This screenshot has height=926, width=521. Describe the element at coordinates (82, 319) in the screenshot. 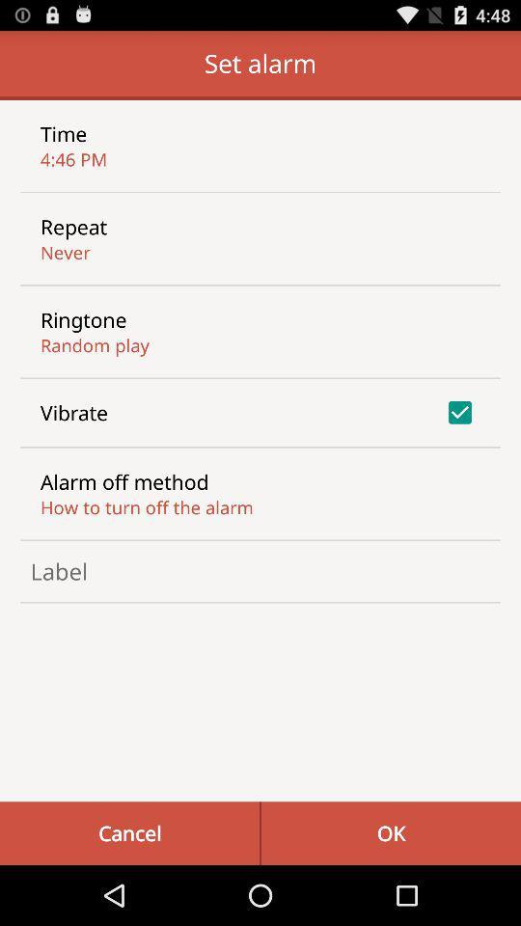

I see `icon above random play item` at that location.